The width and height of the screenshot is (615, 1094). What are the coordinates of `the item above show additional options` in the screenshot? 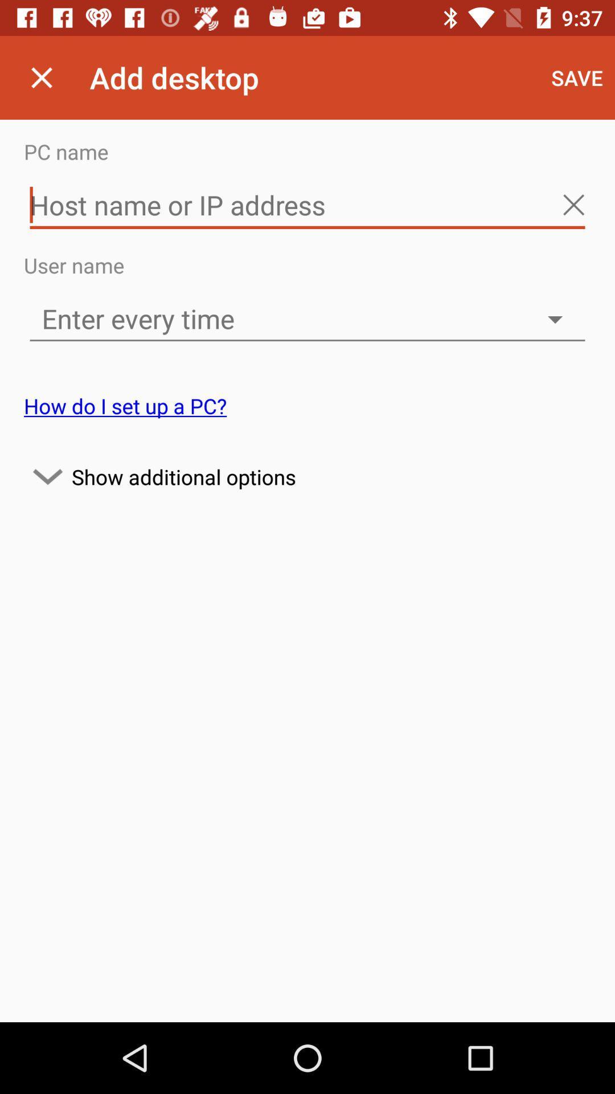 It's located at (125, 406).